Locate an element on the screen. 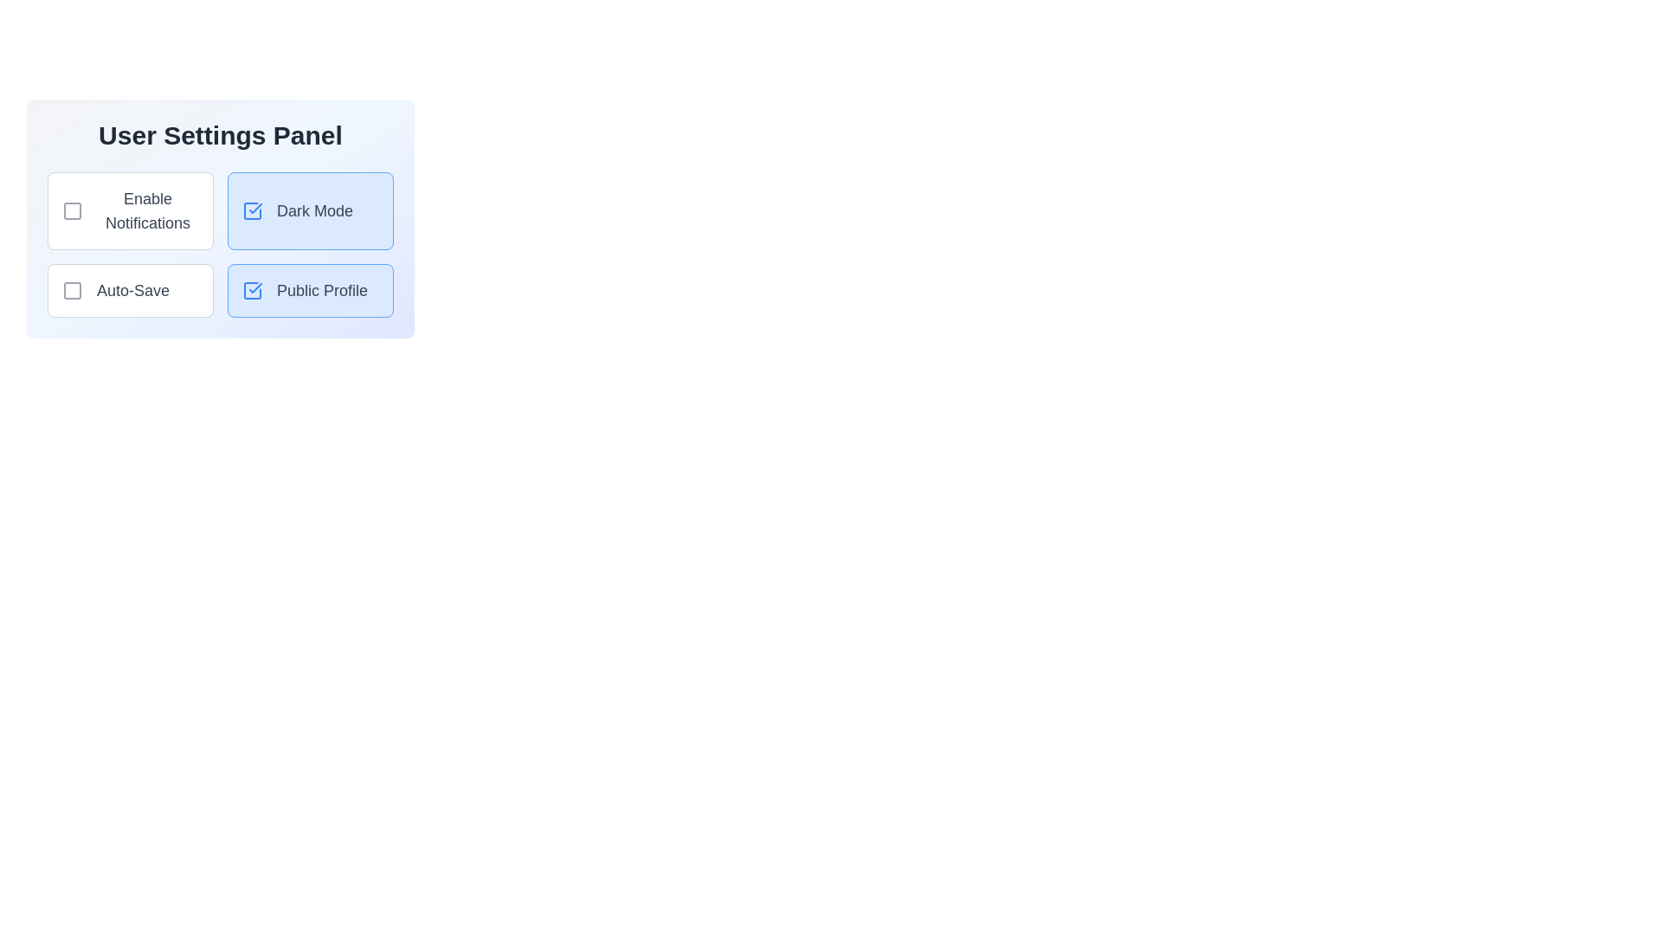  the toggle button for 'Dark Mode' is located at coordinates (311, 210).